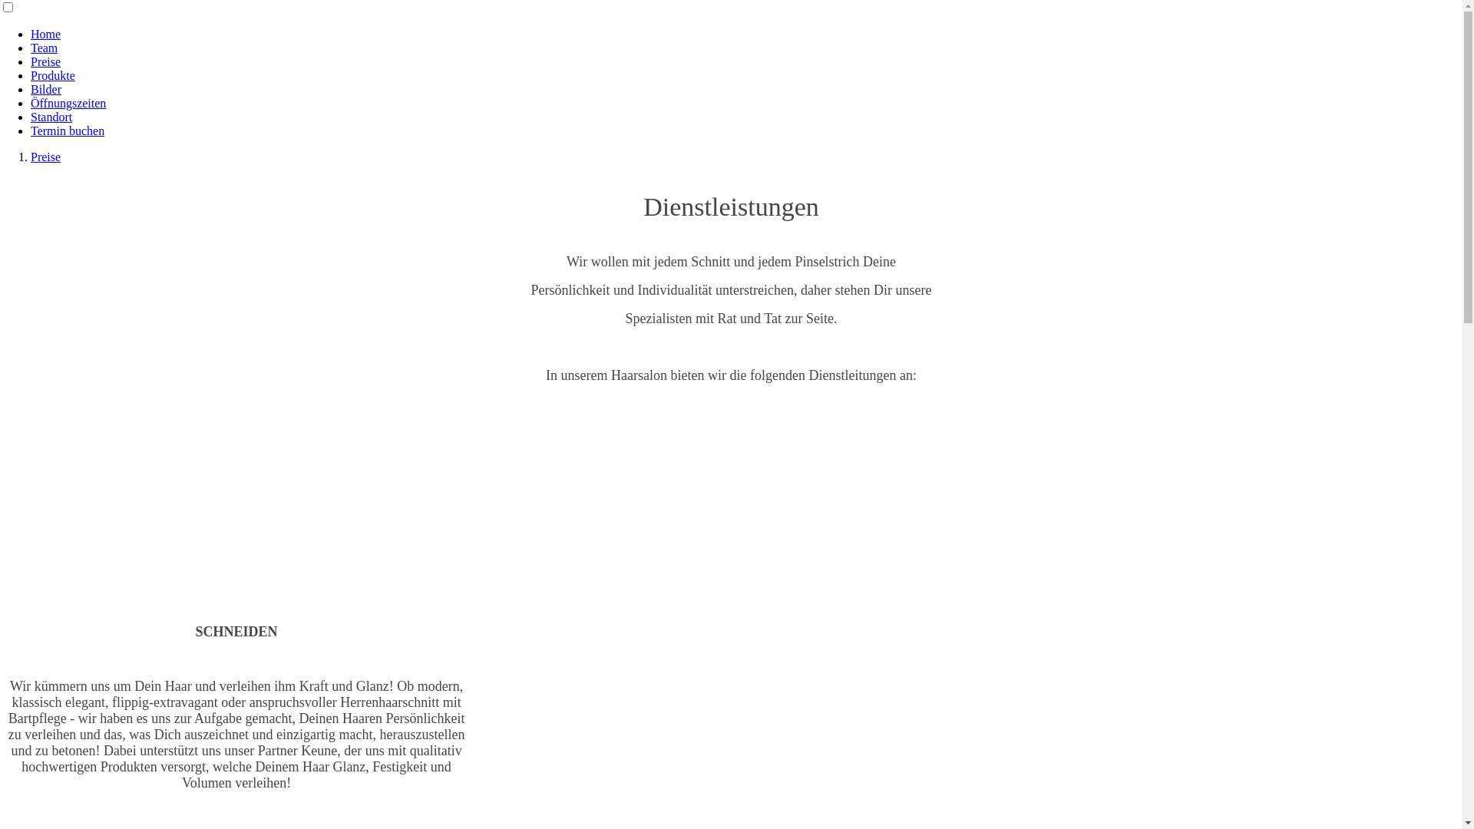 The image size is (1474, 829). Describe the element at coordinates (30, 89) in the screenshot. I see `'Bilder'` at that location.